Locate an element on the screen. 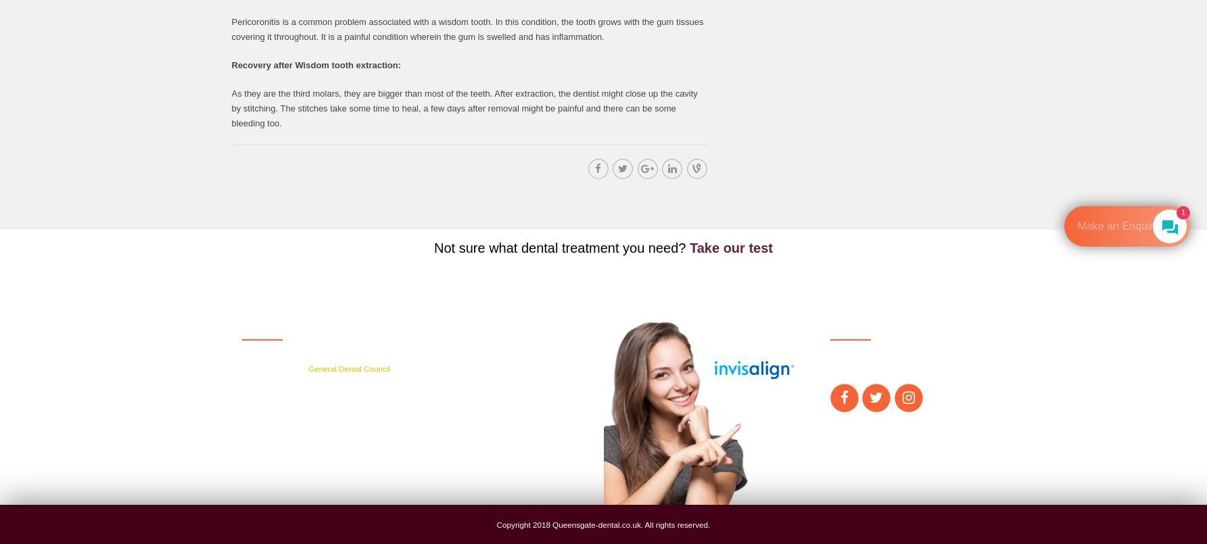 This screenshot has height=544, width=1207. 'Get in touch' is located at coordinates (241, 294).